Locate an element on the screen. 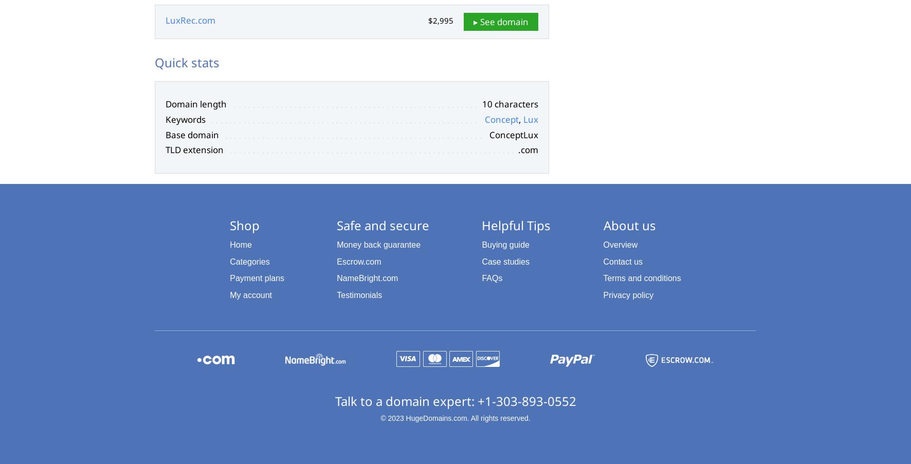 This screenshot has height=464, width=911. 'Concept' is located at coordinates (501, 119).